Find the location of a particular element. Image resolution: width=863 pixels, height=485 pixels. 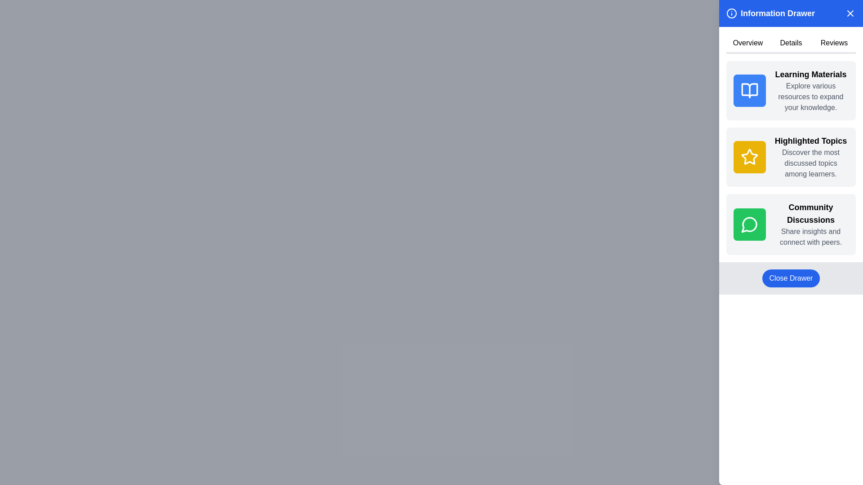

the 'Highlighted Topics' icon located in the right-hand drawer panel, positioned below 'Learning Materials' and above 'Community Discussions' is located at coordinates (750, 157).